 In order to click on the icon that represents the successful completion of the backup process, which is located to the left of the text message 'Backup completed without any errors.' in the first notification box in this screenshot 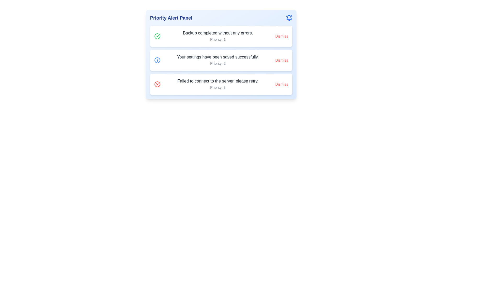, I will do `click(157, 36)`.